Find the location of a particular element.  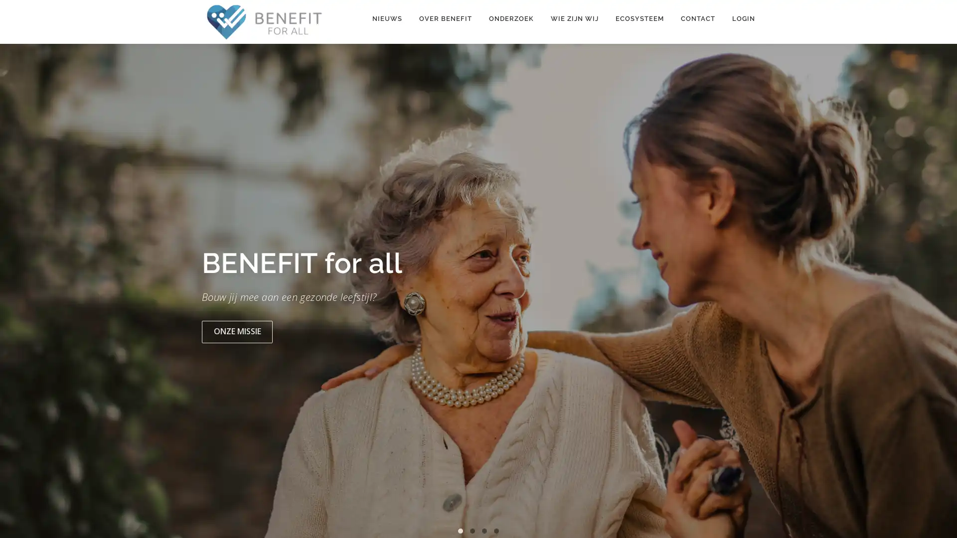

Previous is located at coordinates (18, 293).